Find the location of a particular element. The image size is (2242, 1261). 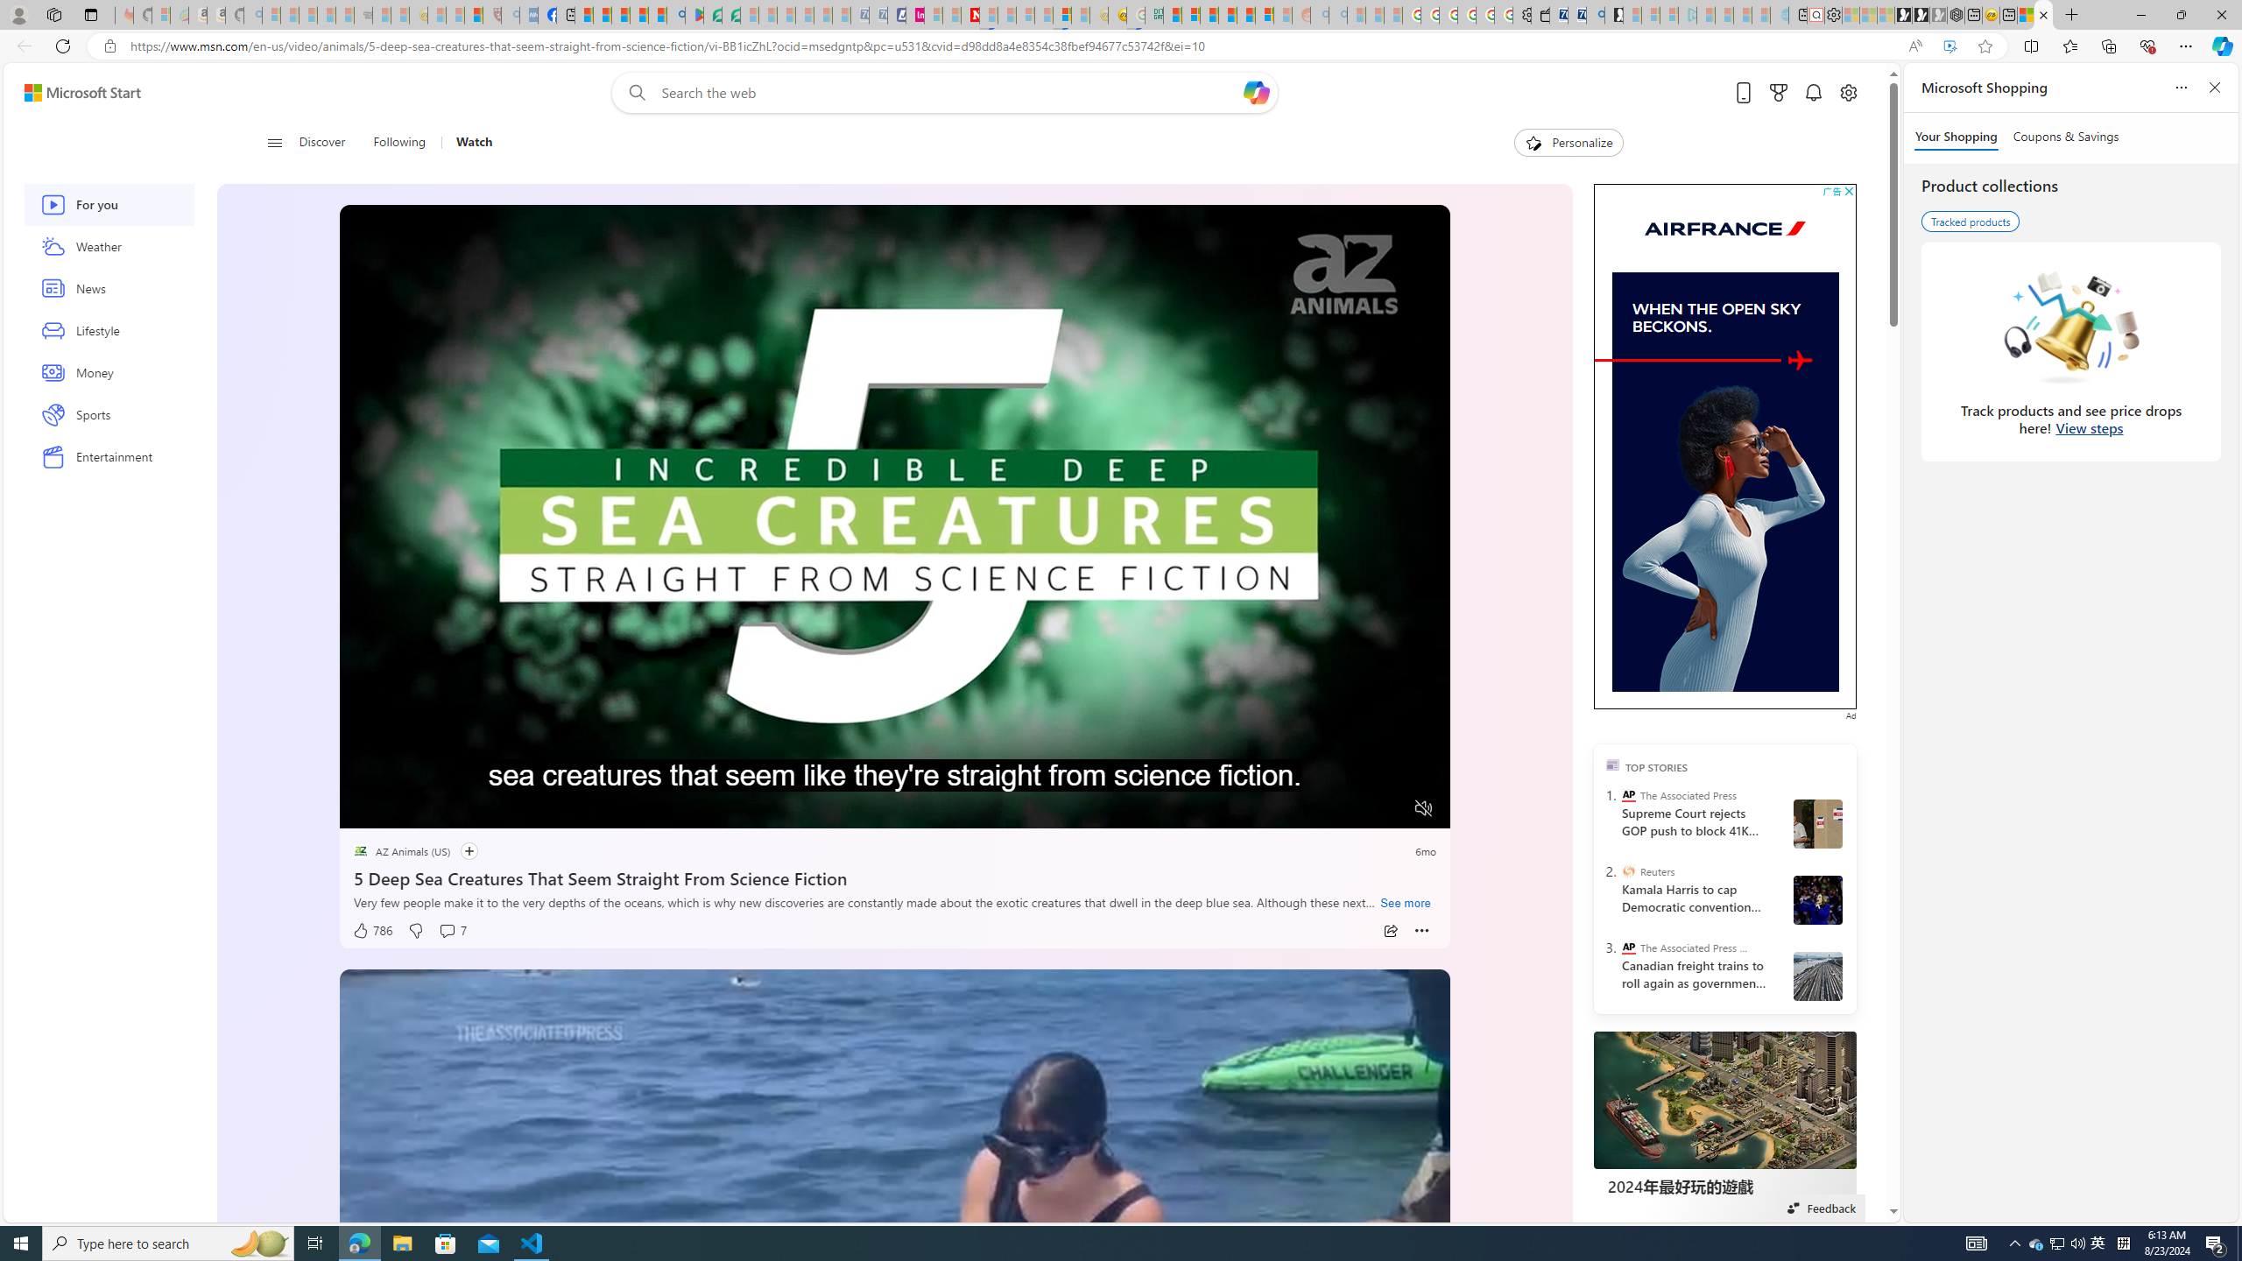

'Share' is located at coordinates (1390, 930).